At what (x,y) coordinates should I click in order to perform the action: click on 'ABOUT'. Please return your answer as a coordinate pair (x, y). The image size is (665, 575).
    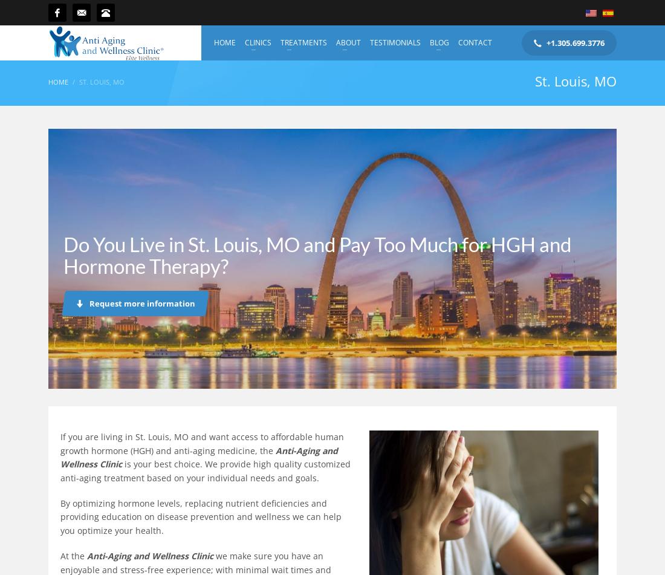
    Looking at the image, I should click on (334, 42).